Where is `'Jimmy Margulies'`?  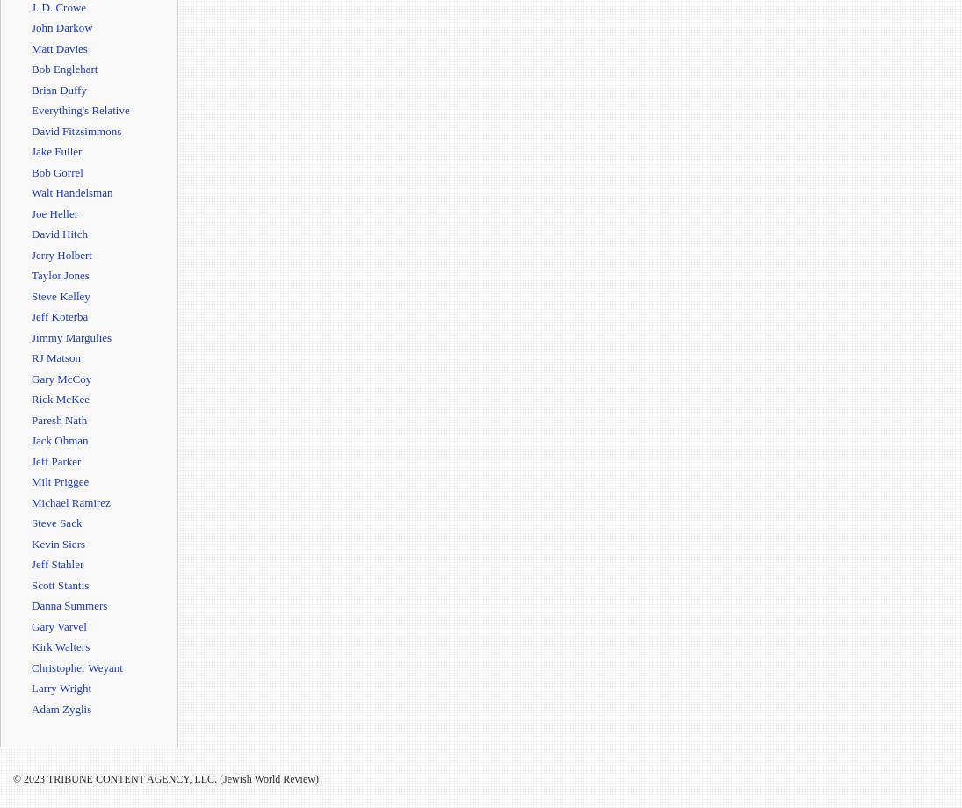 'Jimmy Margulies' is located at coordinates (70, 335).